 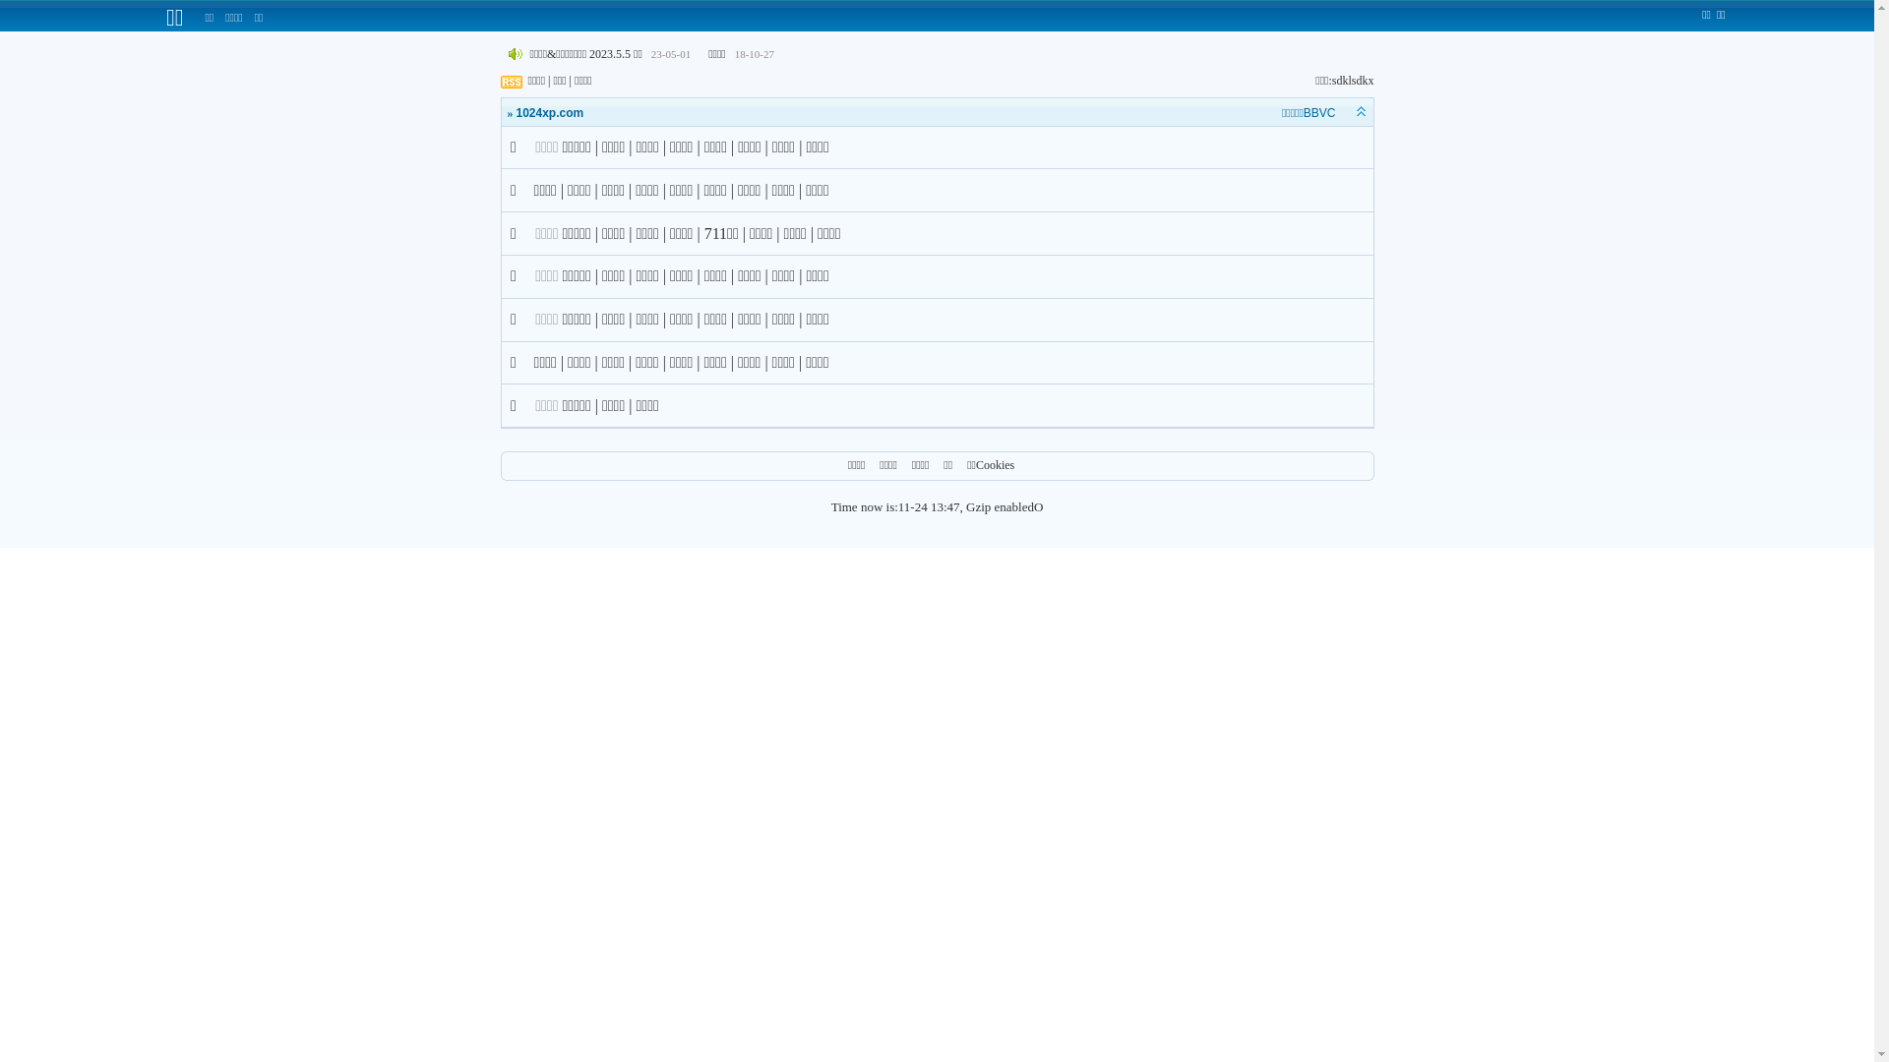 I want to click on '1024xp.com', so click(x=549, y=113).